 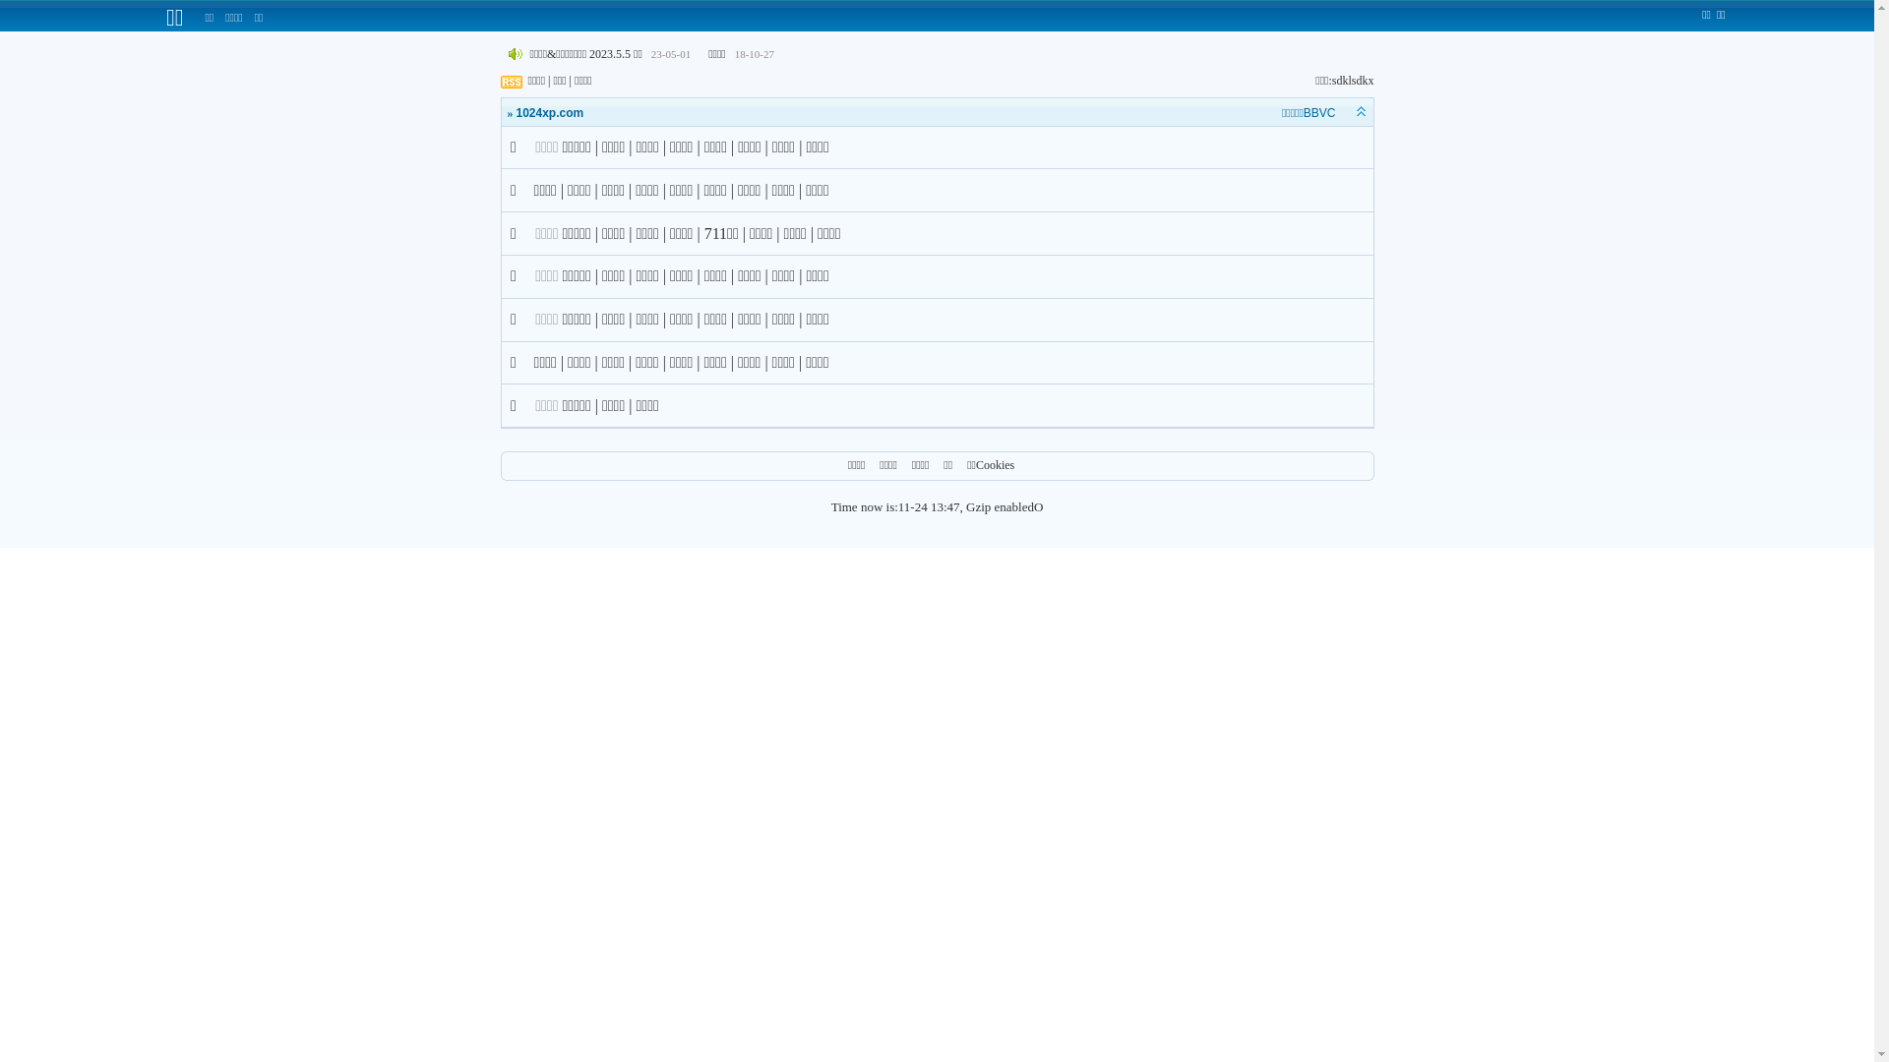 I want to click on '1024xp.com', so click(x=549, y=113).